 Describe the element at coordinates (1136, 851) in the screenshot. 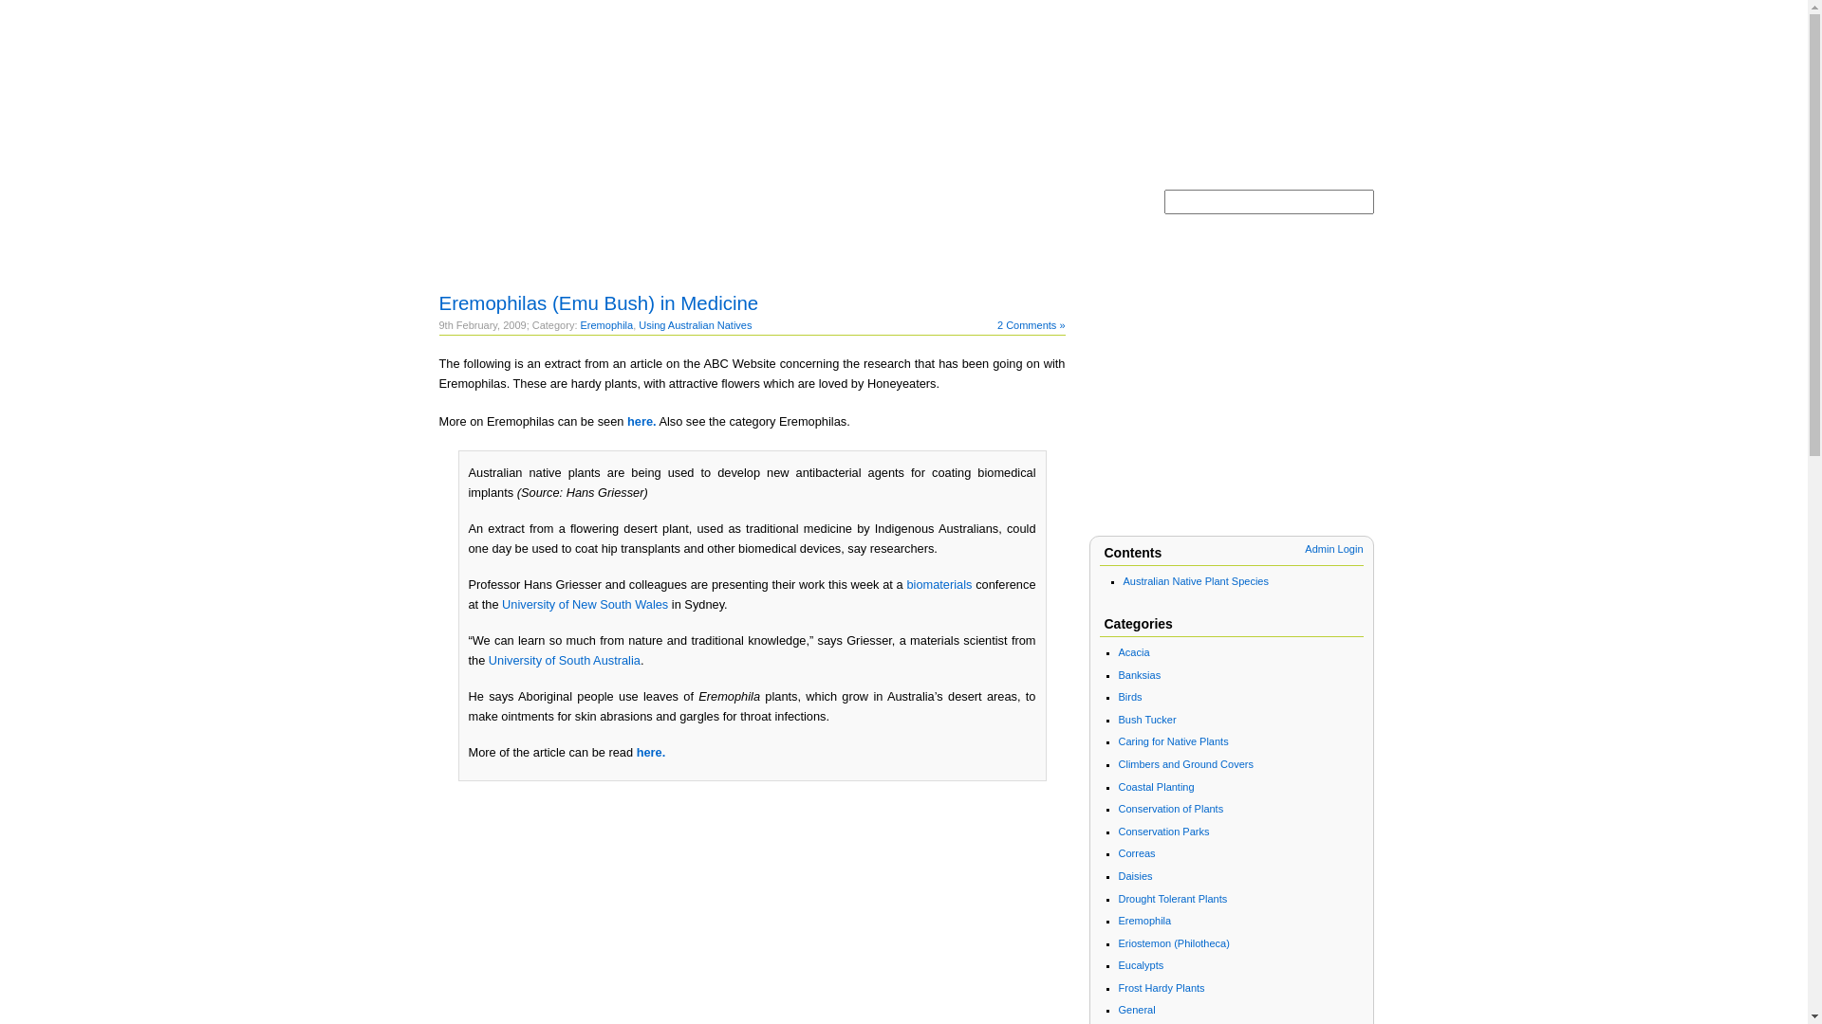

I see `'Correas'` at that location.